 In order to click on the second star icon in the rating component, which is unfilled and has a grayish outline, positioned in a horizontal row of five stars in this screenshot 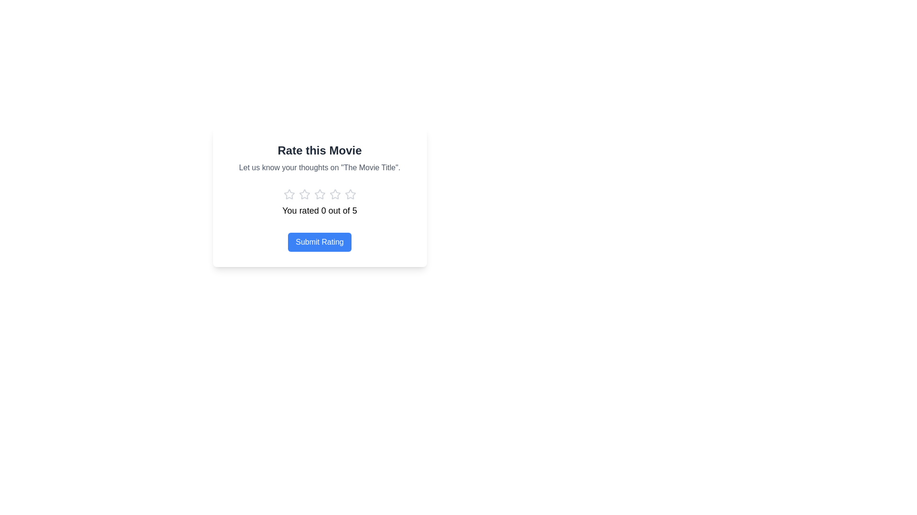, I will do `click(335, 194)`.